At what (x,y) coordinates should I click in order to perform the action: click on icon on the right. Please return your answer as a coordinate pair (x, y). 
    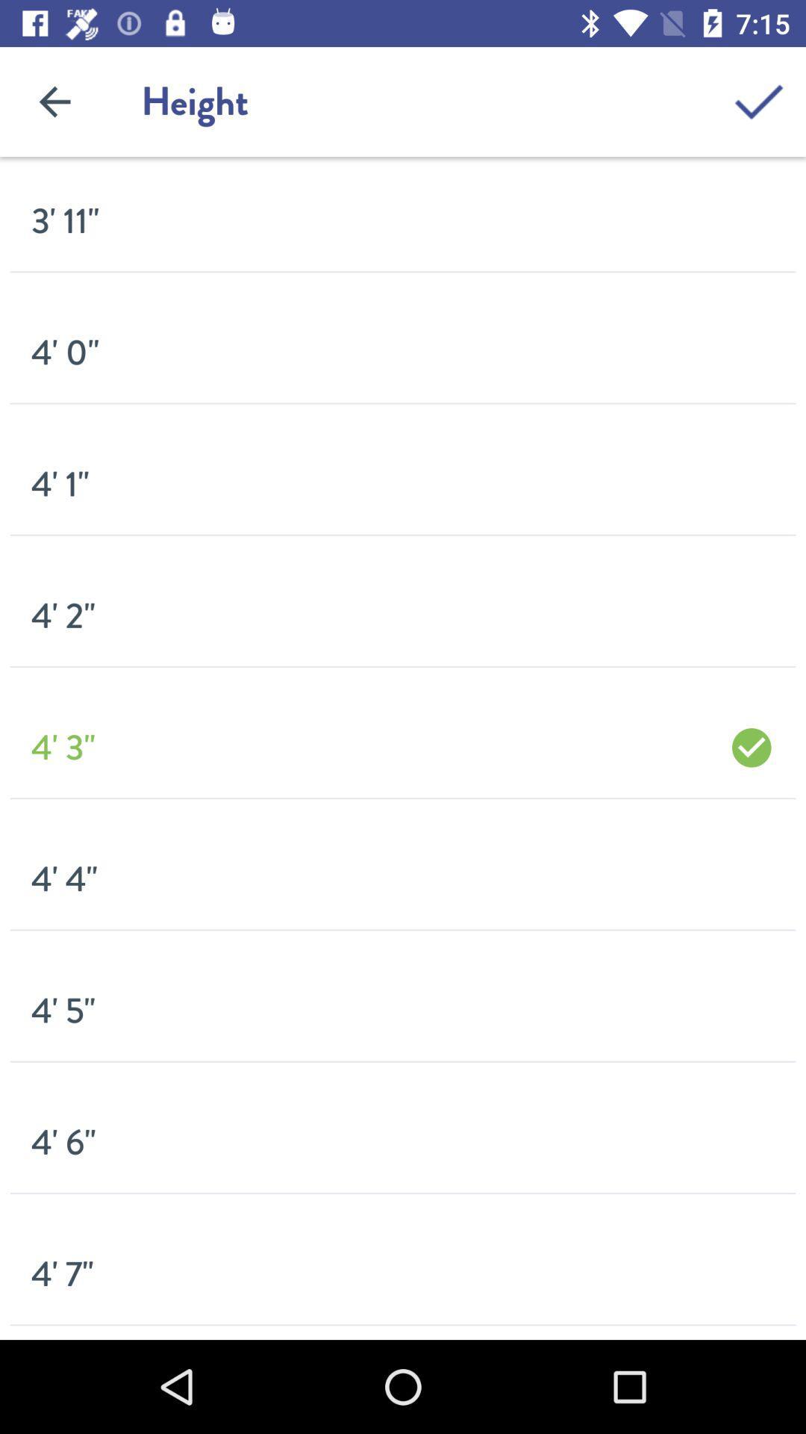
    Looking at the image, I should click on (752, 748).